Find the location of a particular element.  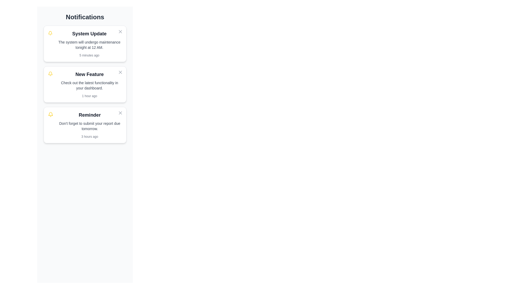

text content of the Notification card with the heading 'Reminder' located in the vertical list of notifications is located at coordinates (90, 125).